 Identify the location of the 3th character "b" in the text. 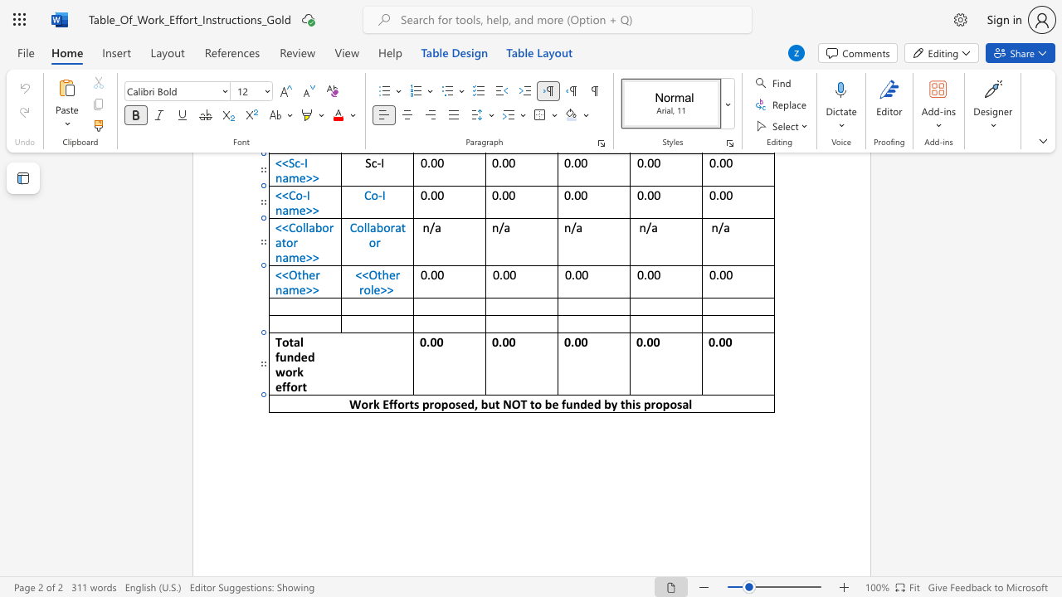
(607, 404).